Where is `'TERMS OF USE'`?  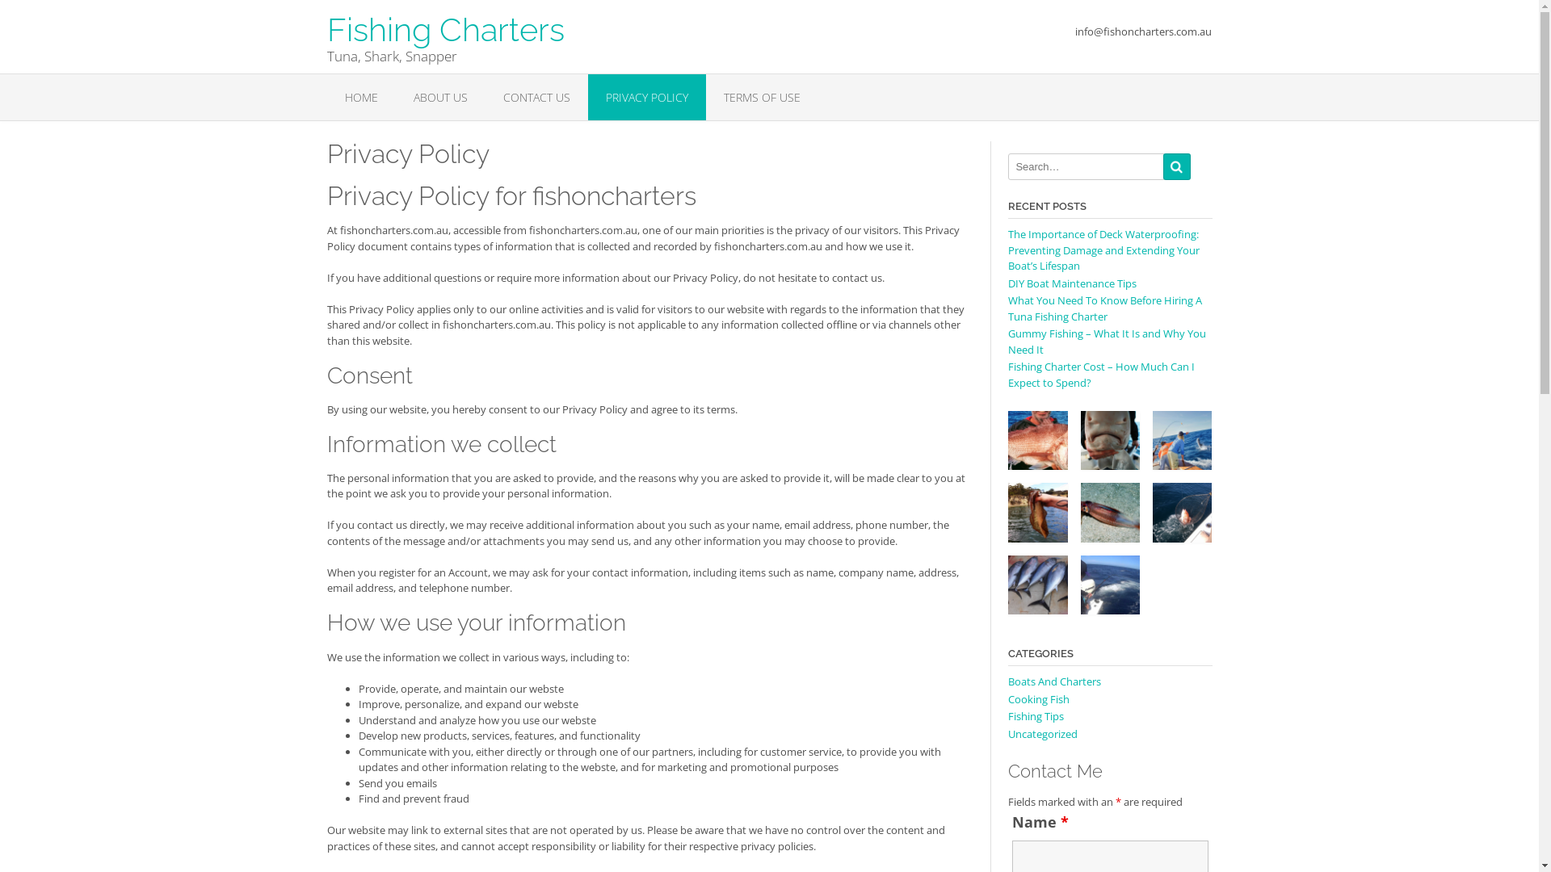
'TERMS OF USE' is located at coordinates (761, 97).